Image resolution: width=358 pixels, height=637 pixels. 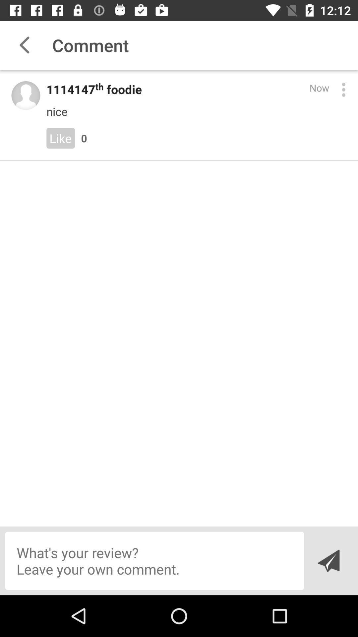 I want to click on coment text box, so click(x=154, y=560).